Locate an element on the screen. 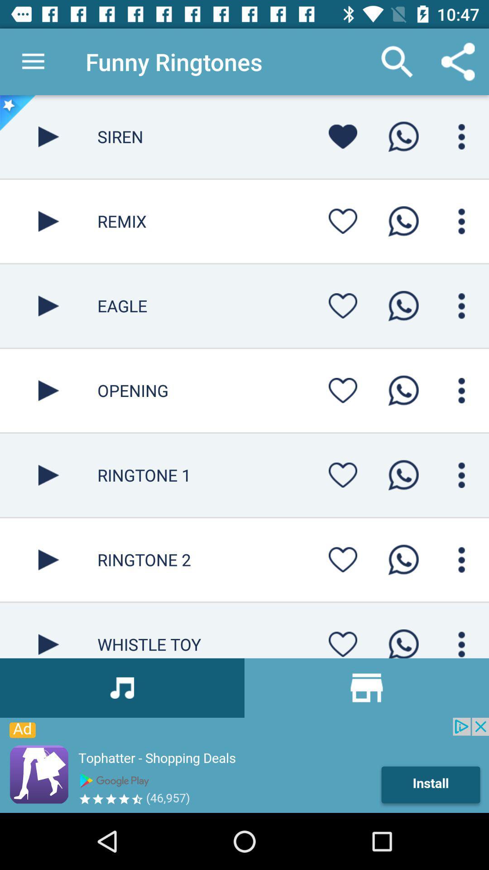 This screenshot has height=870, width=489. extra option is located at coordinates (461, 306).